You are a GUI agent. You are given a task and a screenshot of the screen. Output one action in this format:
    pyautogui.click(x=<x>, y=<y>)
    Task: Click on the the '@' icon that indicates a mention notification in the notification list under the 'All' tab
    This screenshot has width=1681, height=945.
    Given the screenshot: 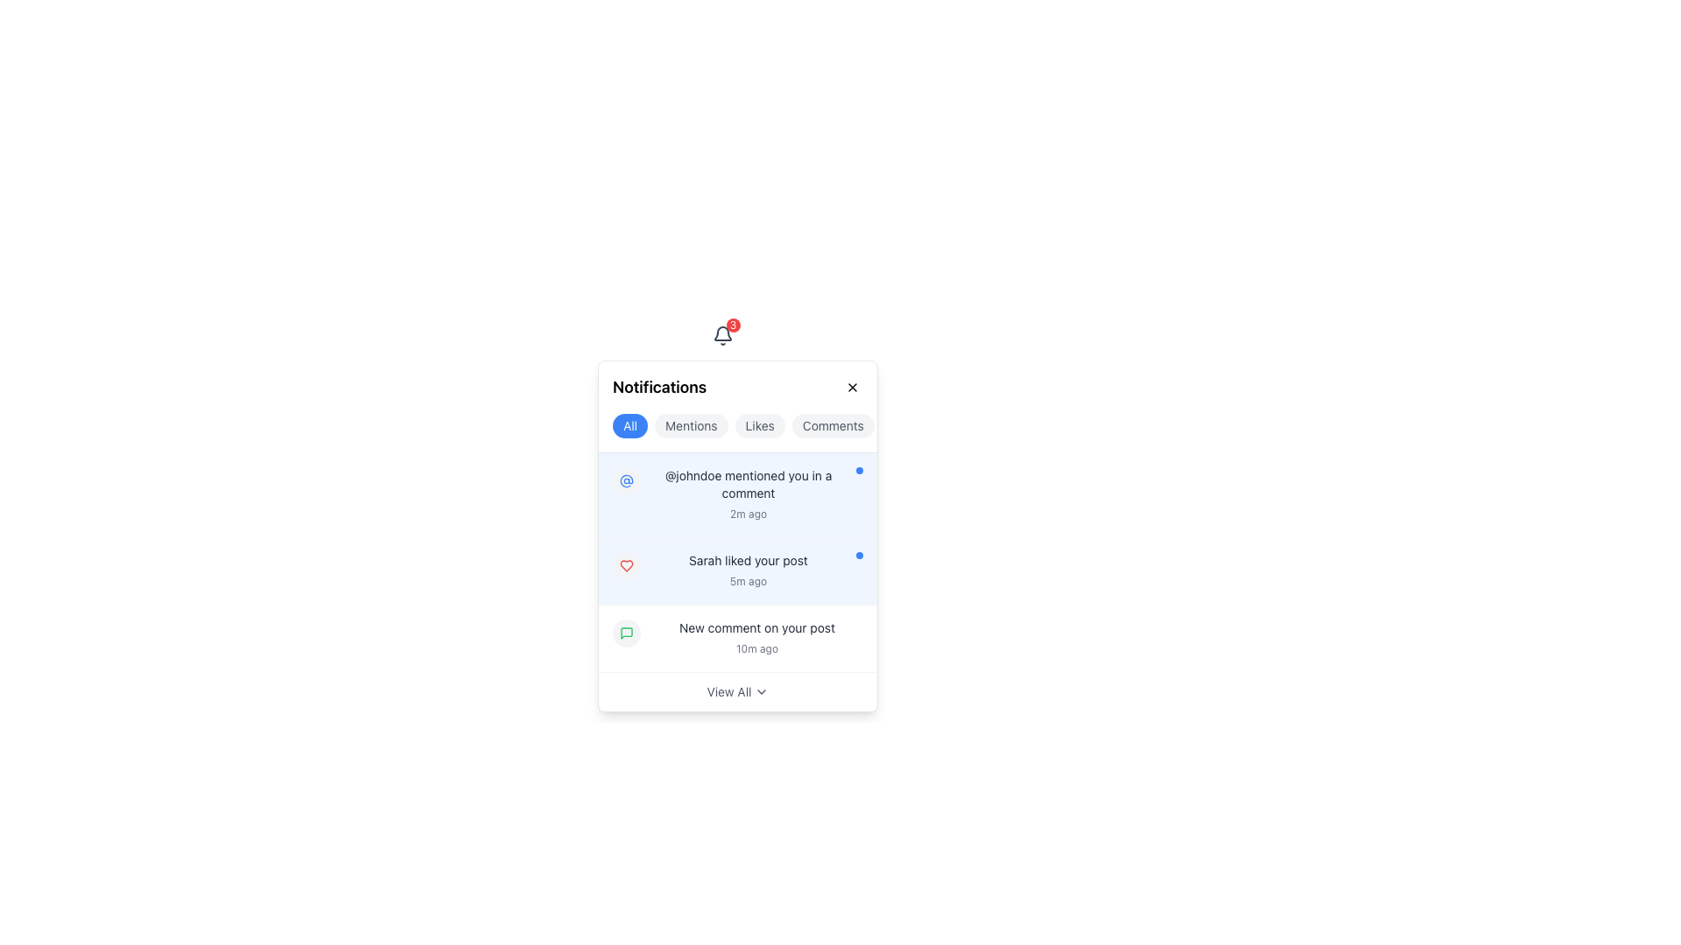 What is the action you would take?
    pyautogui.click(x=626, y=481)
    